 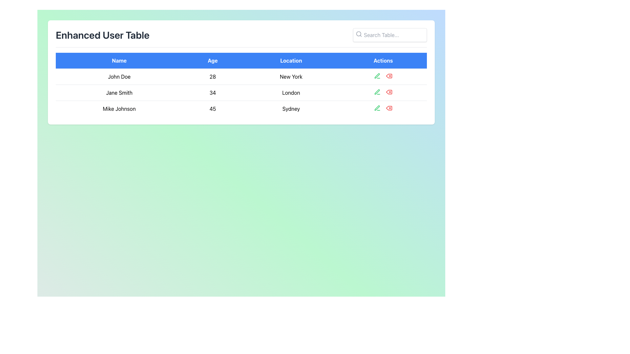 What do you see at coordinates (377, 92) in the screenshot?
I see `the green pencil icon button located in the 'Actions' column of the row for 'London'` at bounding box center [377, 92].